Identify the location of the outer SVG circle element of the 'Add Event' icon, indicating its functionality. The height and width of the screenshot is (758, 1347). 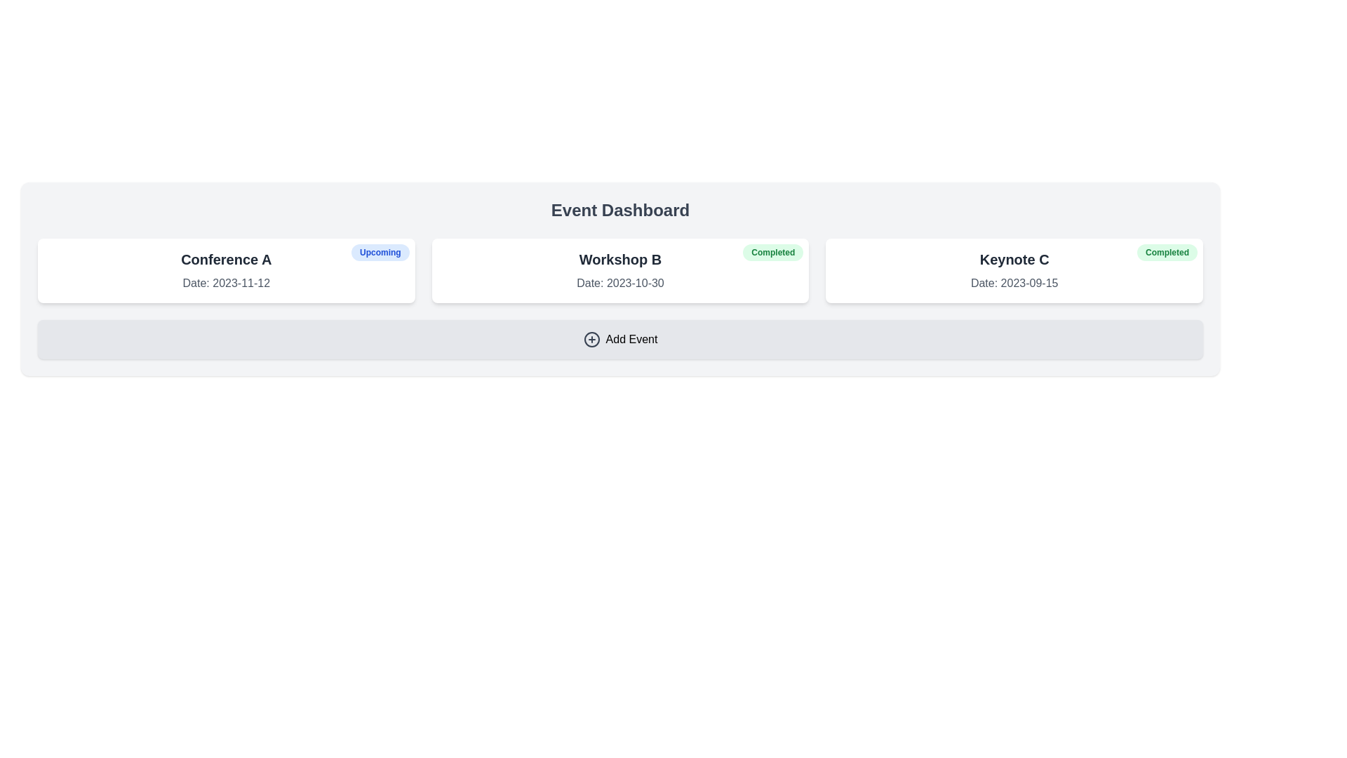
(591, 339).